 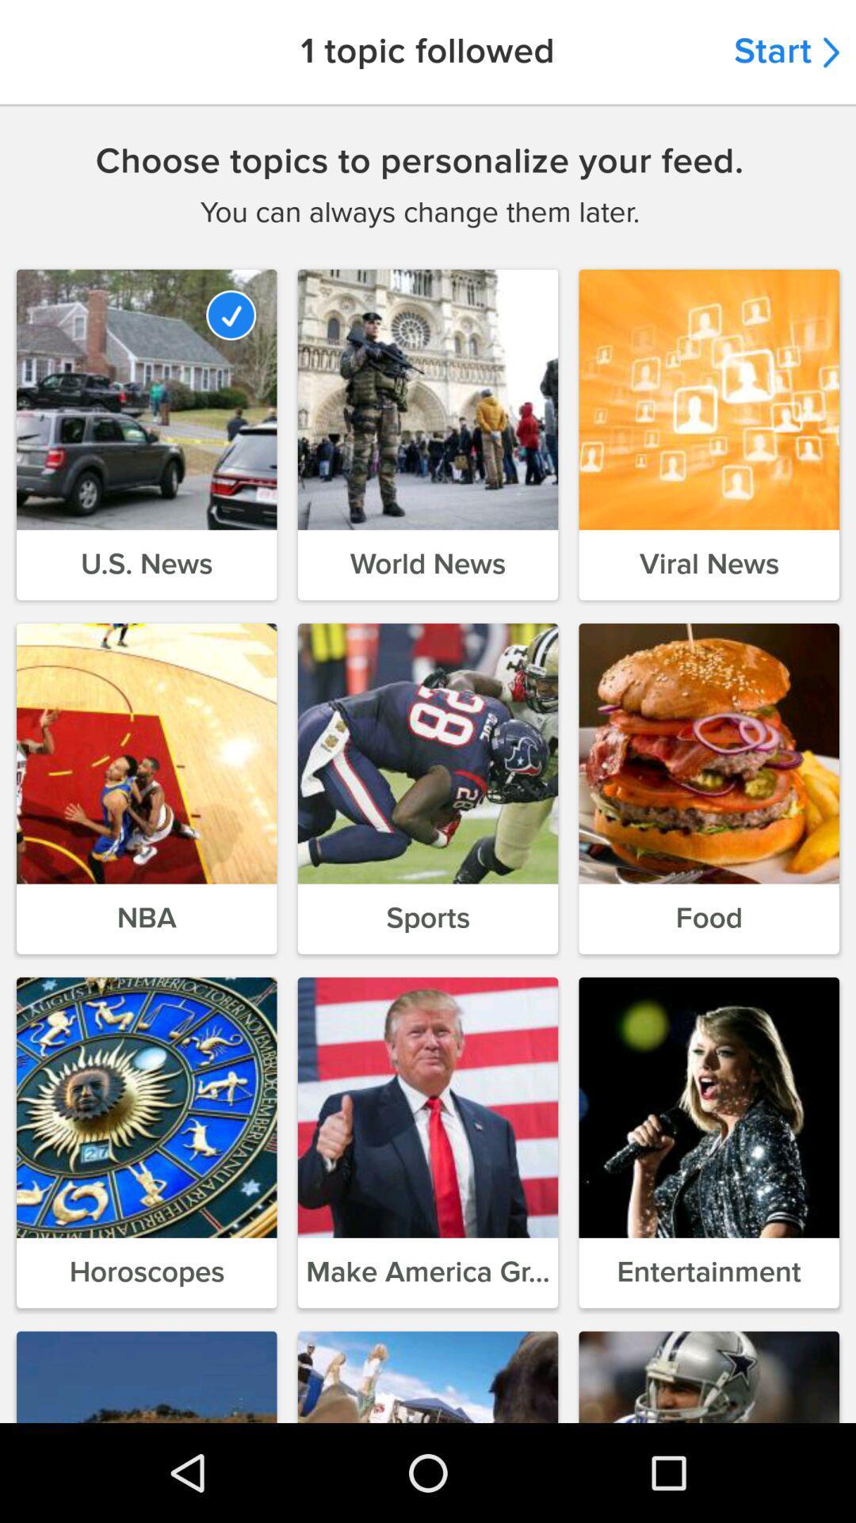 I want to click on start icon, so click(x=786, y=52).